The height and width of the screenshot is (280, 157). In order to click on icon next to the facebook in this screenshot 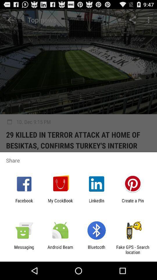, I will do `click(60, 203)`.